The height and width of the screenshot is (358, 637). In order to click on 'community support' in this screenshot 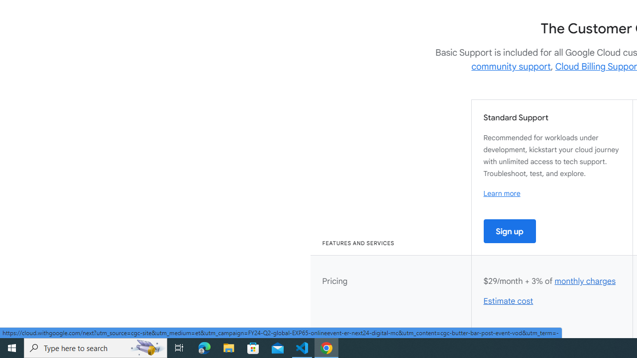, I will do `click(511, 66)`.